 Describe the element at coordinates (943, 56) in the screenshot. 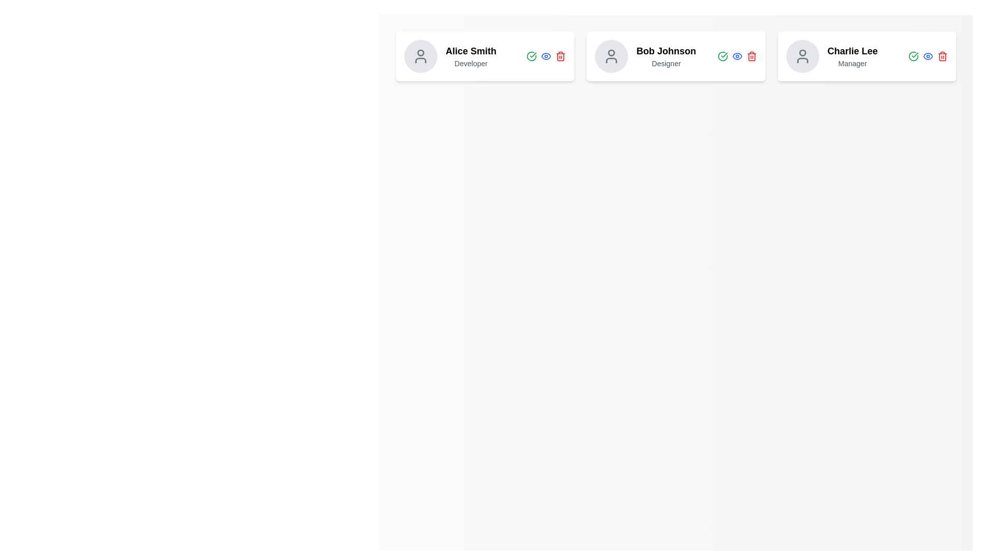

I see `the red trash bin icon button, the third interactive icon in the row of operation buttons for Charlie Lee` at that location.